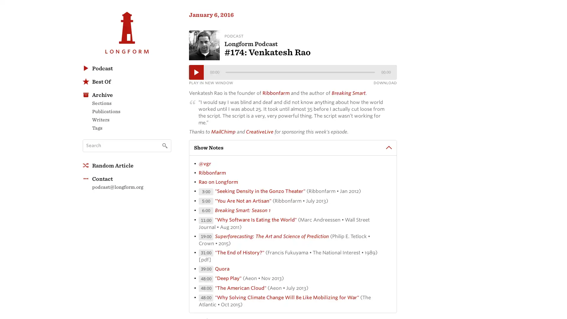 Image resolution: width=567 pixels, height=319 pixels. I want to click on 5:00, so click(206, 202).